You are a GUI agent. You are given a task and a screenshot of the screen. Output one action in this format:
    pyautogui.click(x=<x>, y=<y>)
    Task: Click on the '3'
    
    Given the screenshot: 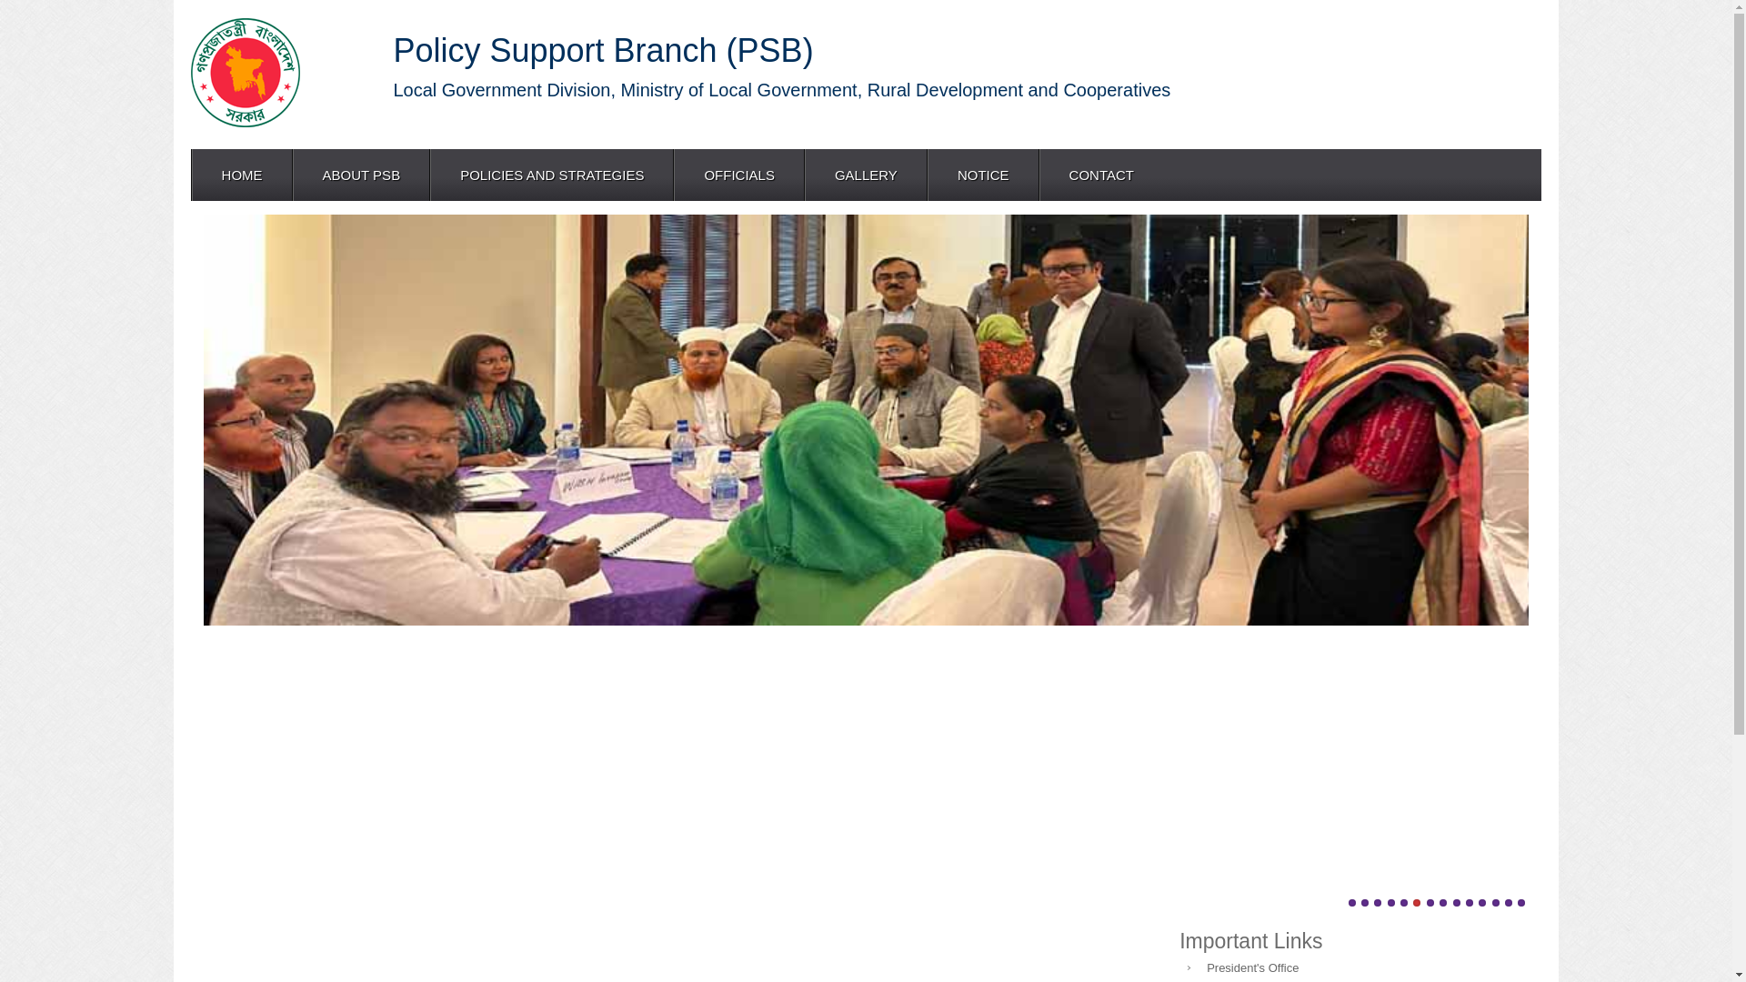 What is the action you would take?
    pyautogui.click(x=1374, y=902)
    